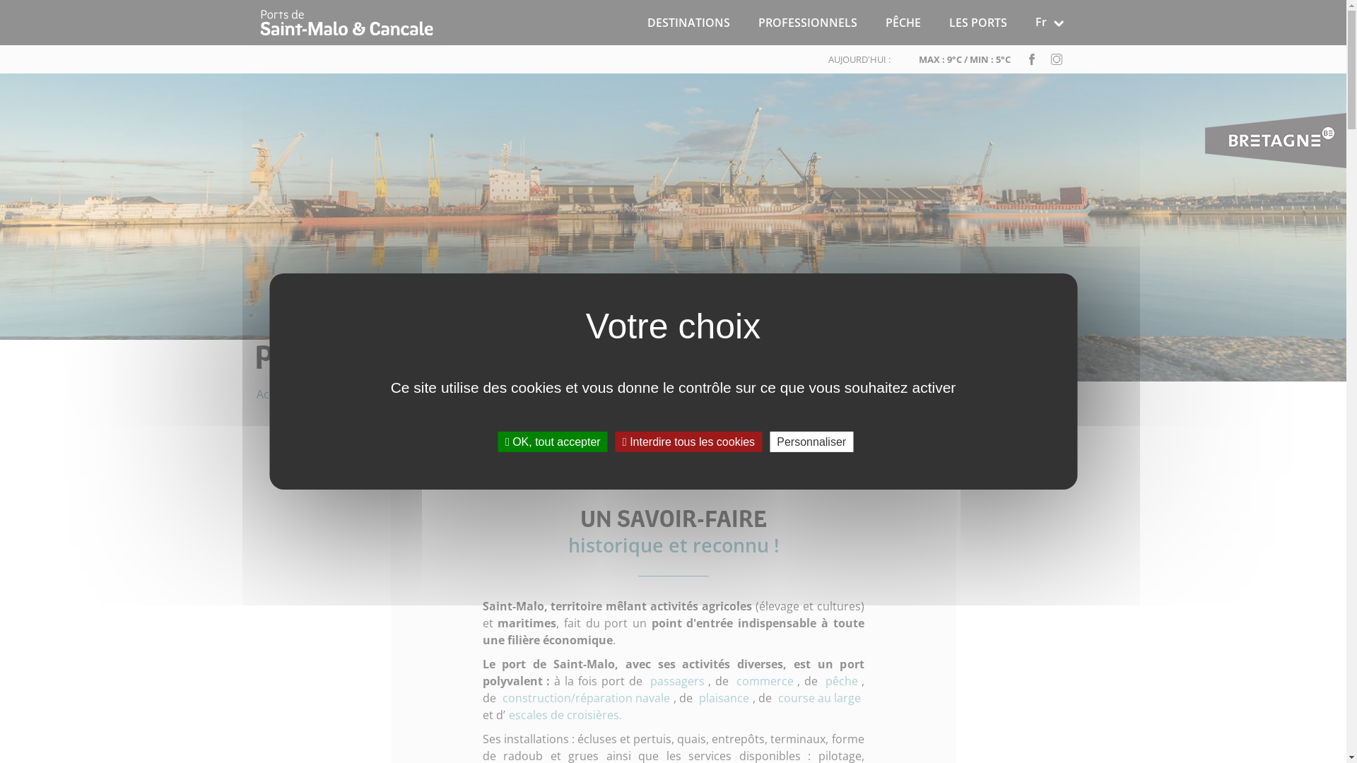  I want to click on 'DESTINATIONS', so click(688, 23).